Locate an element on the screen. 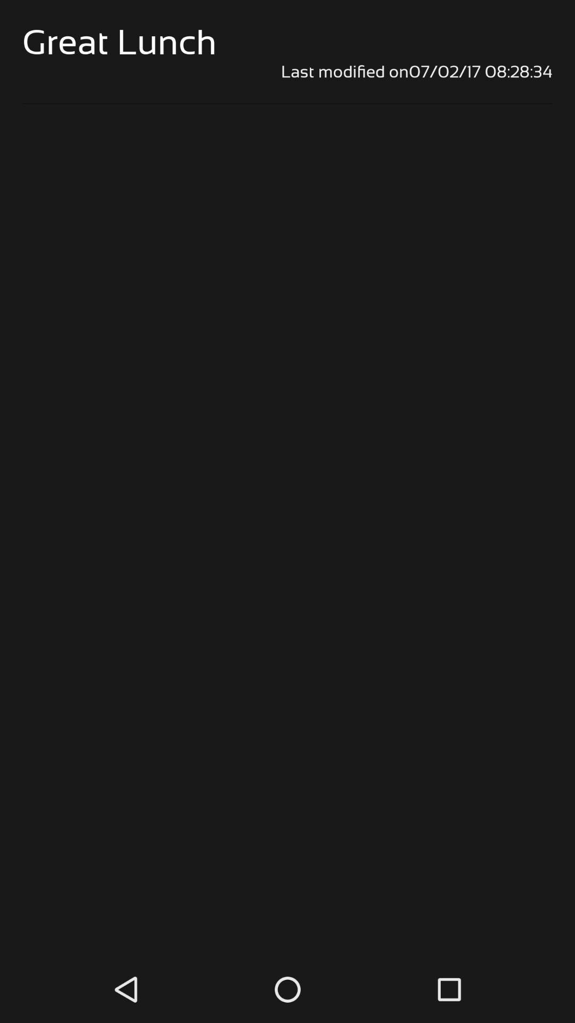  the last modified on07 item is located at coordinates (287, 71).